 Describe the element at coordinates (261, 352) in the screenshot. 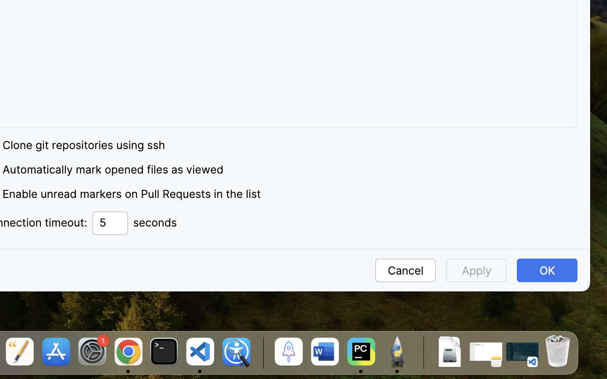

I see `'0.4285714328289032'` at that location.